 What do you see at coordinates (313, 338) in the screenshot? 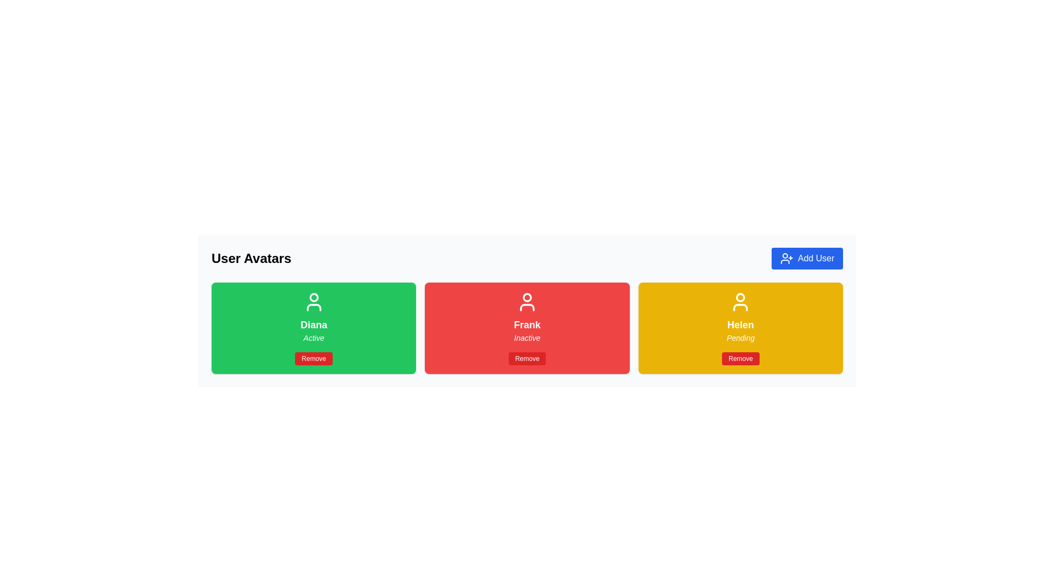
I see `the status text indicating that the user 'Diana' is 'Active', which is located within her user card, centered below the username and above the 'Remove' button` at bounding box center [313, 338].